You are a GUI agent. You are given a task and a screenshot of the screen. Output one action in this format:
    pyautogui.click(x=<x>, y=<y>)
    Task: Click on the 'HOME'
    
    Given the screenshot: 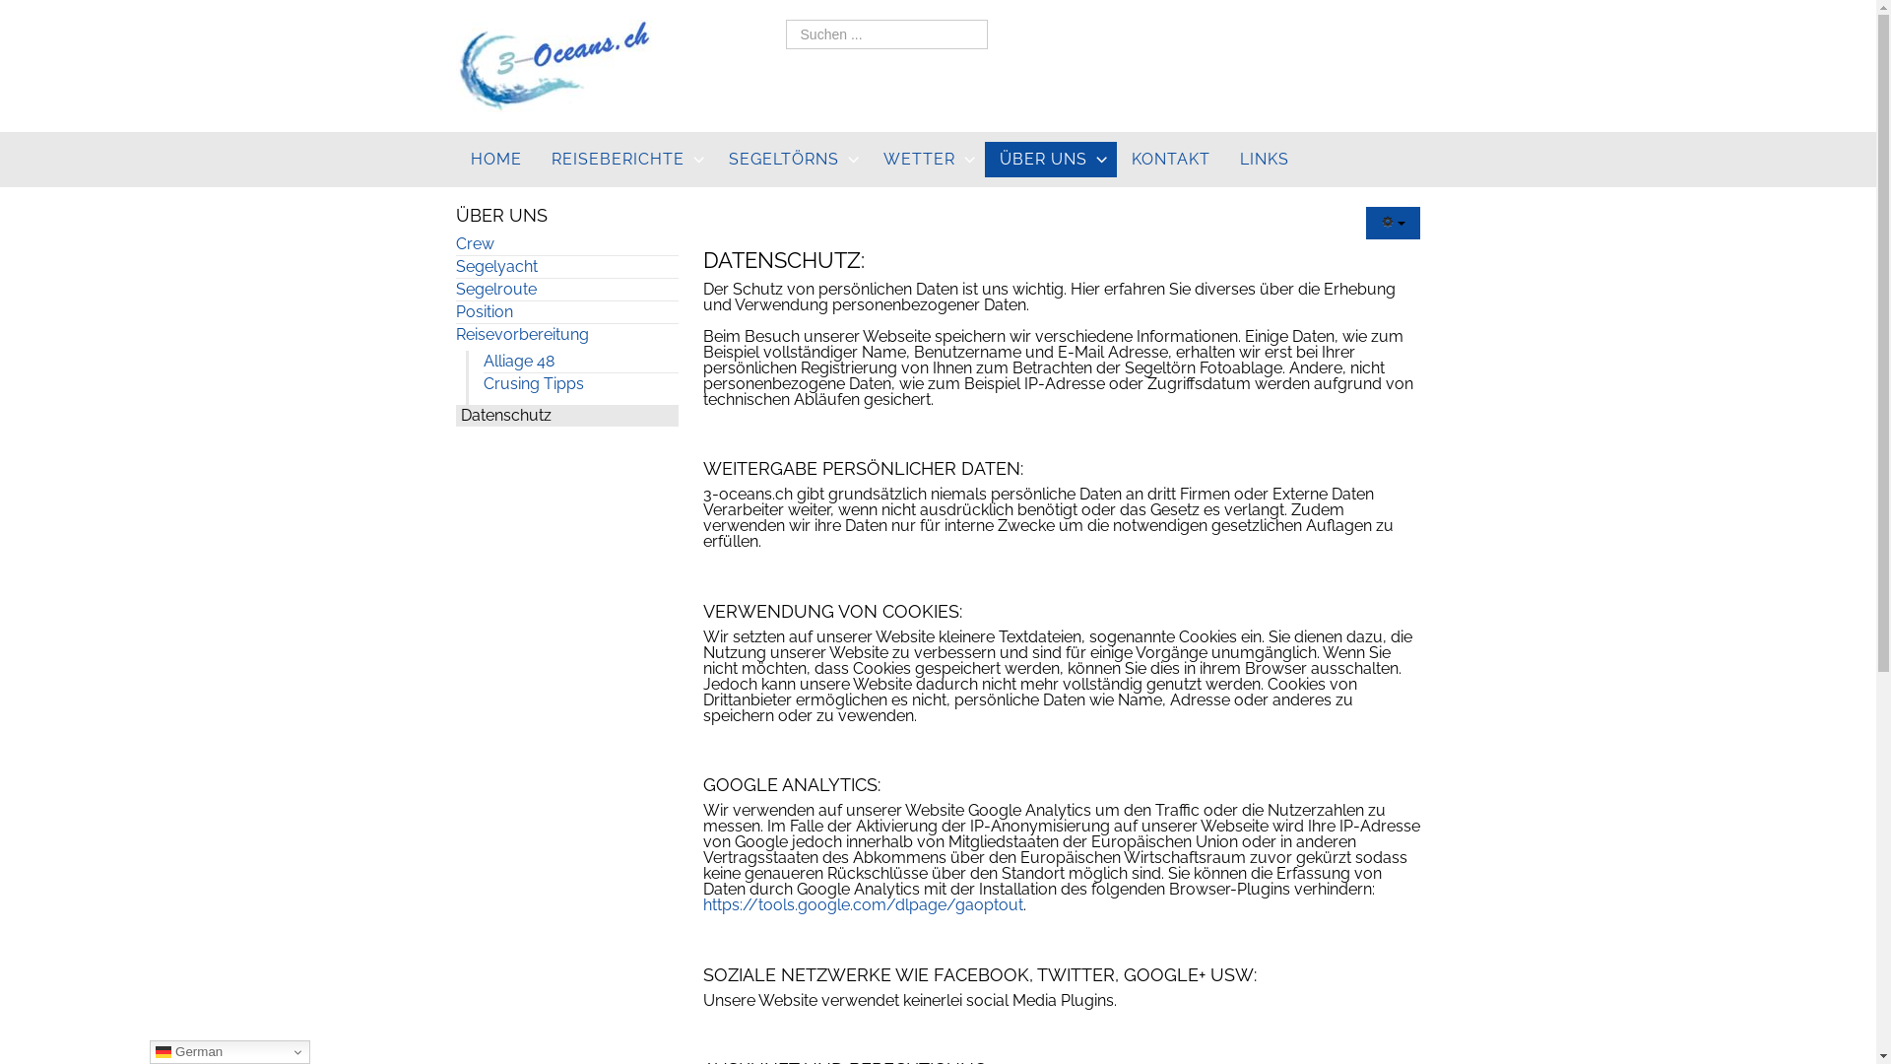 What is the action you would take?
    pyautogui.click(x=495, y=159)
    